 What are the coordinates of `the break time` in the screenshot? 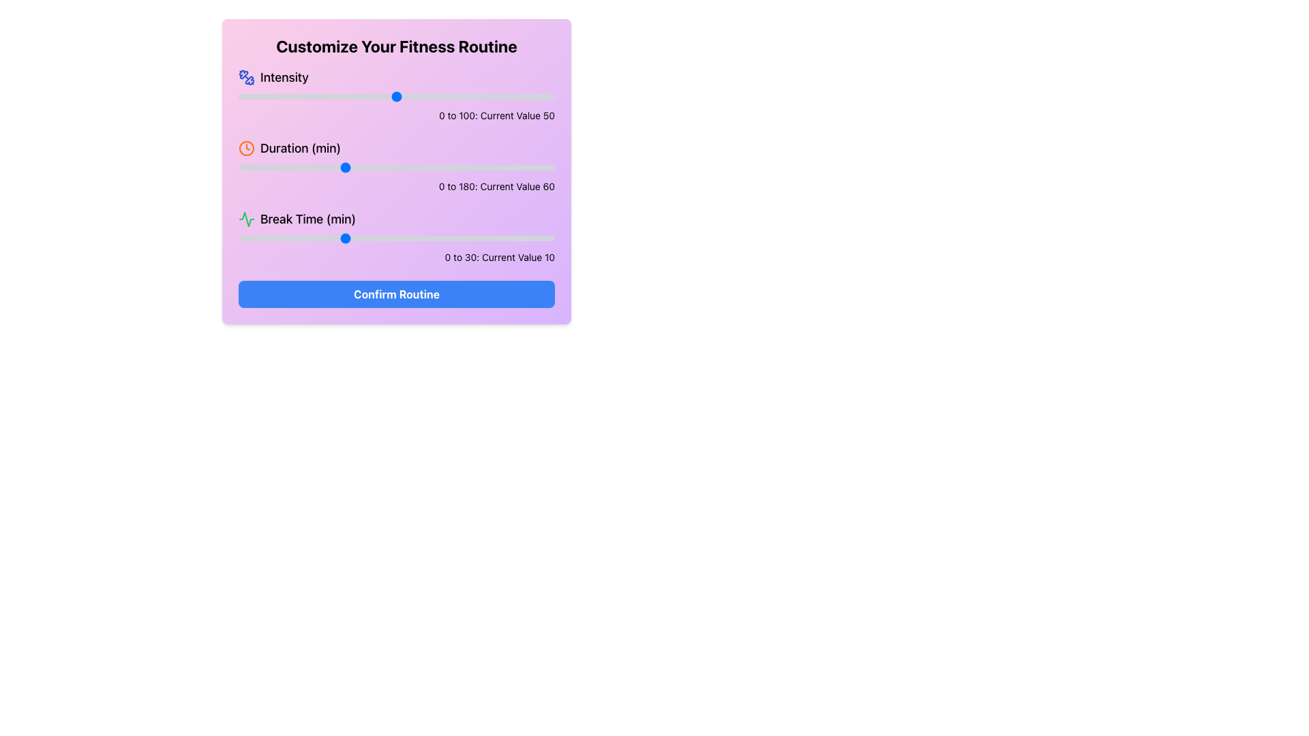 It's located at (522, 238).